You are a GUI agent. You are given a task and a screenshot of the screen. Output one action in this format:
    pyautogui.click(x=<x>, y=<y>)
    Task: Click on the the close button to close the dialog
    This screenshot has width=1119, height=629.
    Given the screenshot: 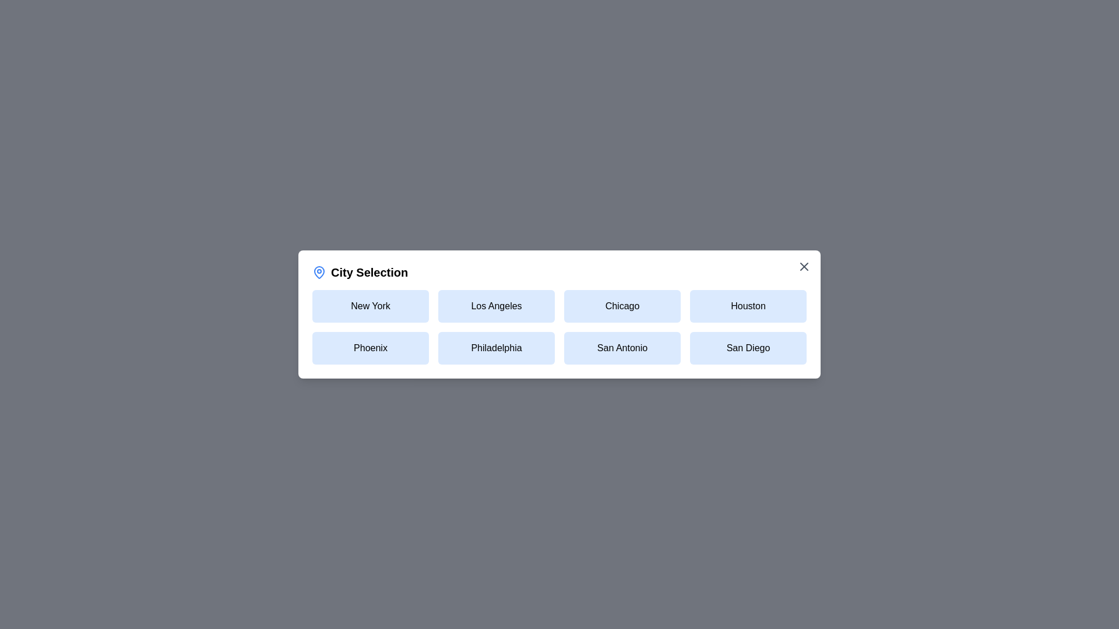 What is the action you would take?
    pyautogui.click(x=804, y=267)
    